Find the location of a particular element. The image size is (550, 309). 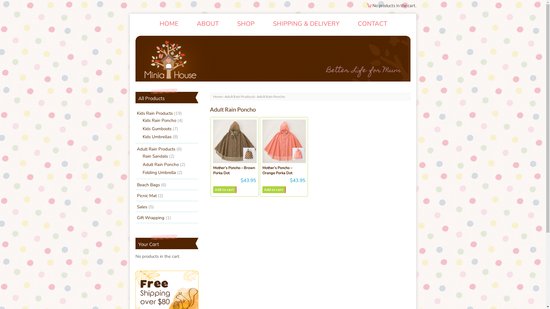

'SHIPPING & DELIVERY' is located at coordinates (306, 24).